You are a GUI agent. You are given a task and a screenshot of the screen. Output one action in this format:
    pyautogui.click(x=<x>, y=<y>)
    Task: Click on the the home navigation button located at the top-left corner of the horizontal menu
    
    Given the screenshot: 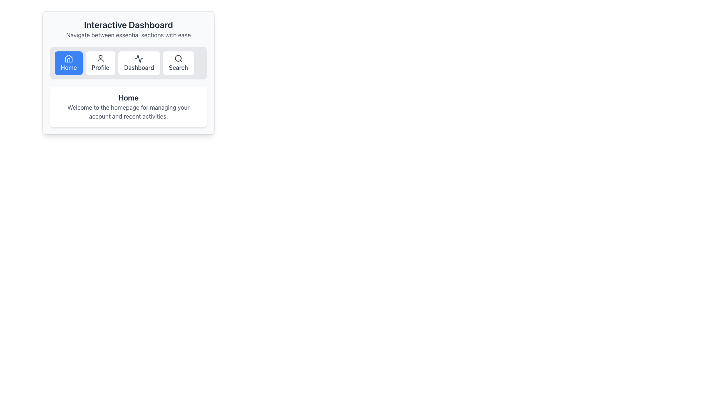 What is the action you would take?
    pyautogui.click(x=69, y=62)
    